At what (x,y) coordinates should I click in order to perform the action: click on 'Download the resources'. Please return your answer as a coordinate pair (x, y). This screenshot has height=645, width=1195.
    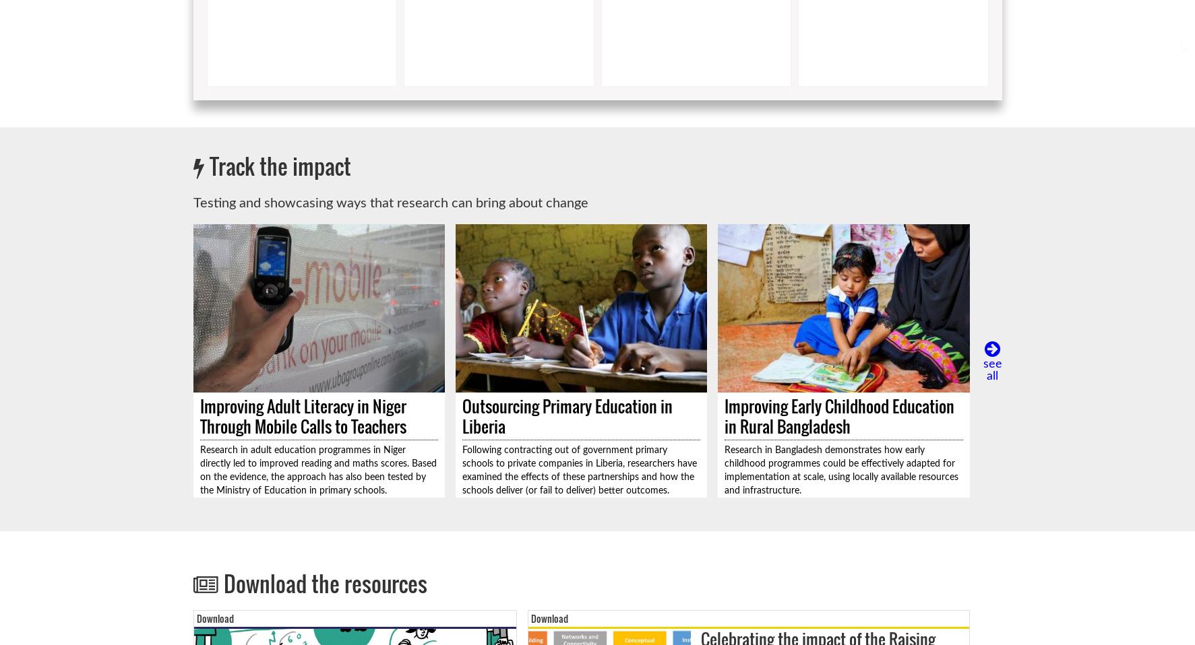
    Looking at the image, I should click on (324, 582).